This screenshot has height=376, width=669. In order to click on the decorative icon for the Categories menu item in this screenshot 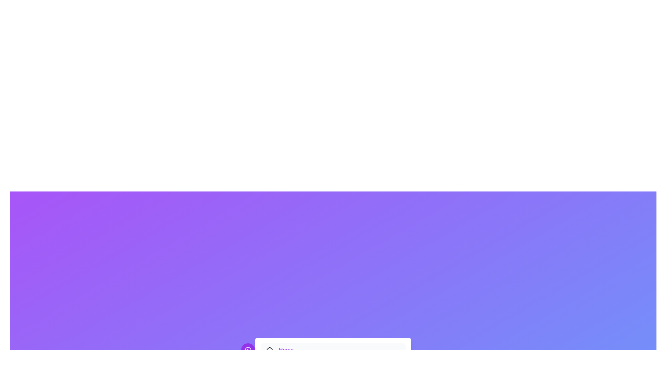, I will do `click(269, 369)`.